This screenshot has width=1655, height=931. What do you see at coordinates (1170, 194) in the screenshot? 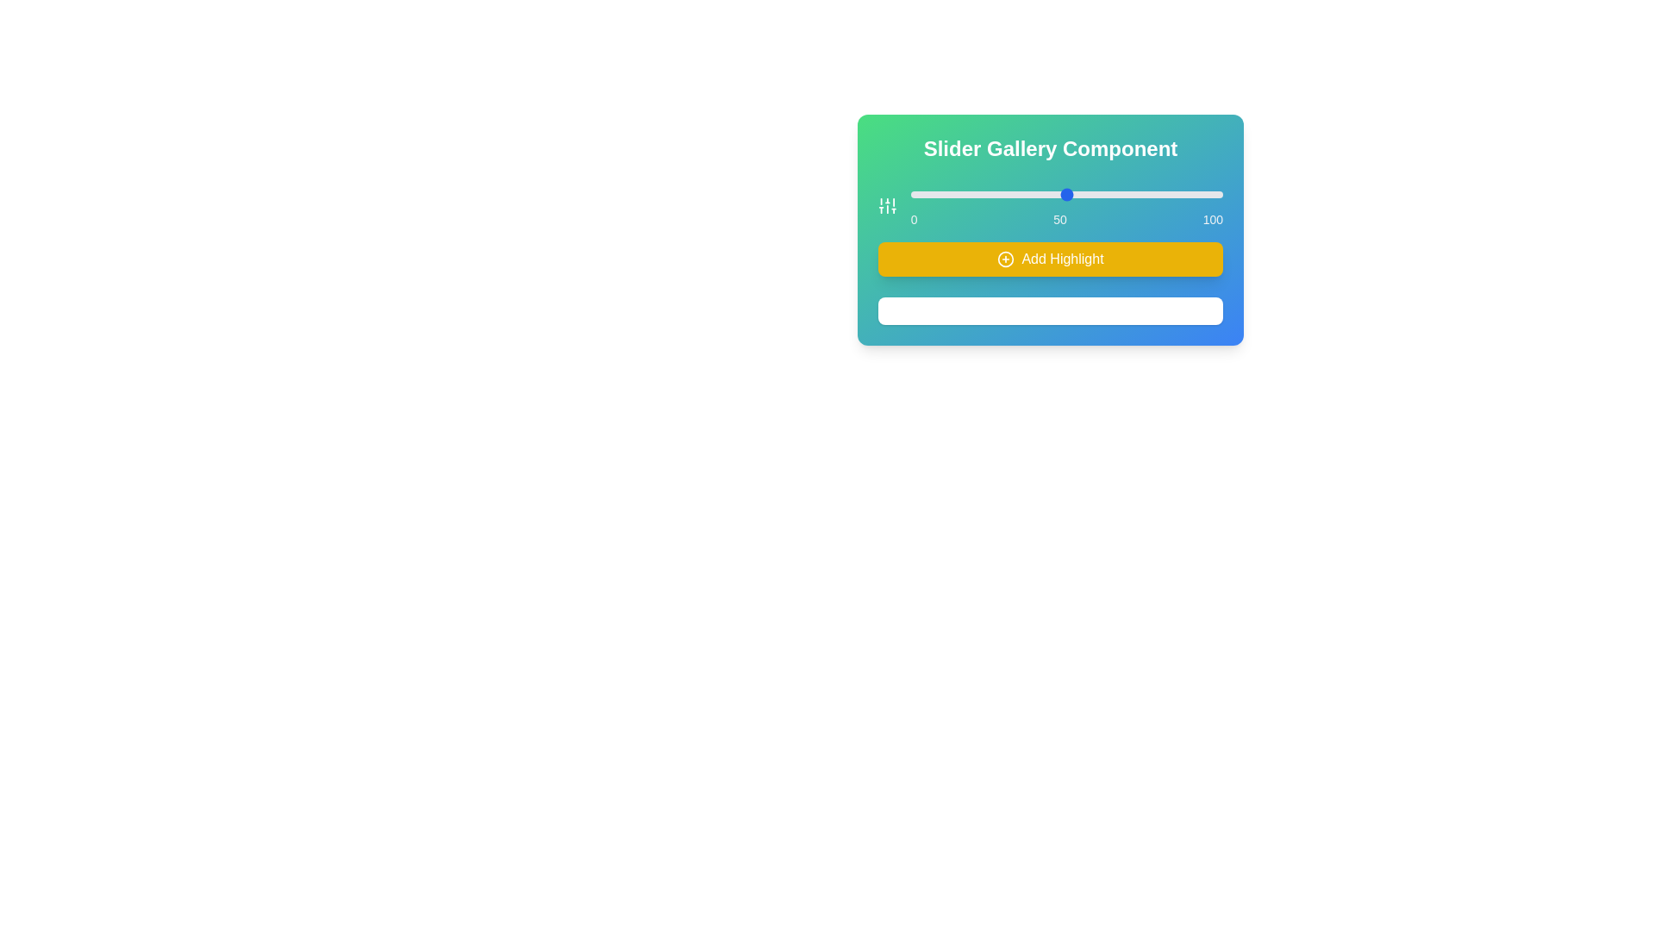
I see `the slider value` at bounding box center [1170, 194].